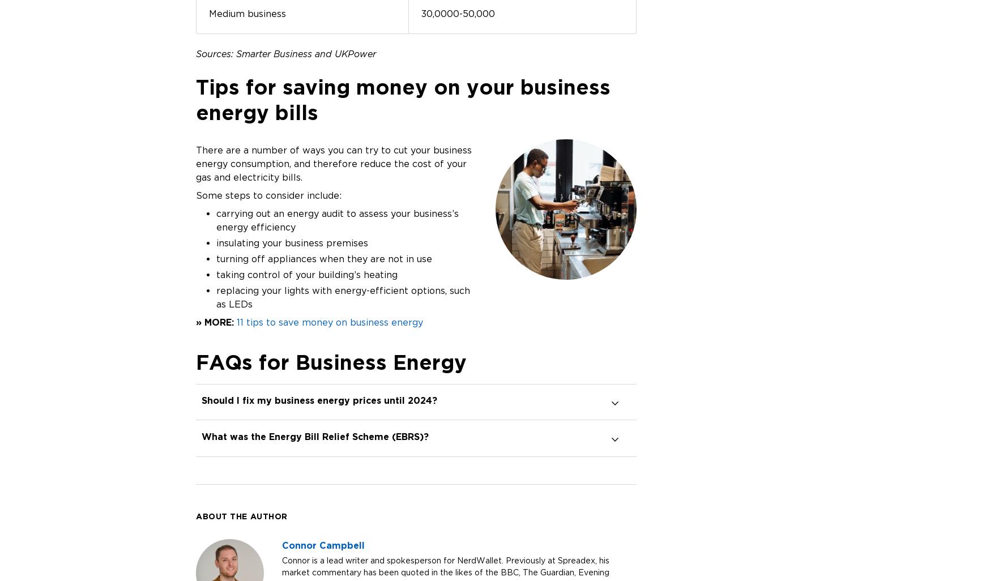  Describe the element at coordinates (336, 219) in the screenshot. I see `'carrying out an energy audit to assess your business’s energy efficiency'` at that location.